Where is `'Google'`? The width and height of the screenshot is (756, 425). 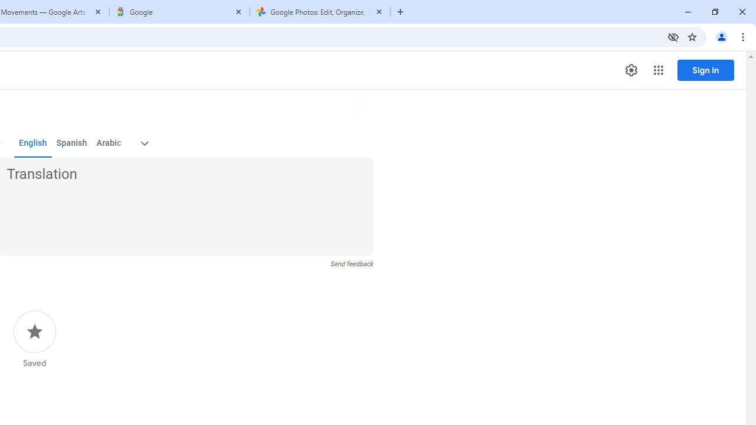
'Google' is located at coordinates (179, 12).